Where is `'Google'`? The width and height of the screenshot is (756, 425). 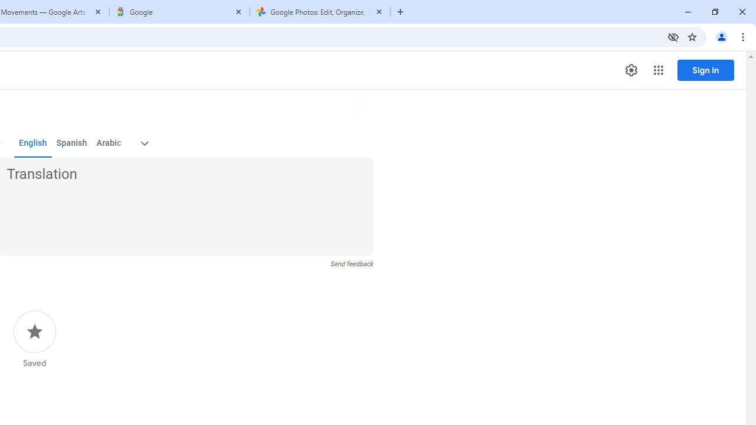
'Google' is located at coordinates (179, 12).